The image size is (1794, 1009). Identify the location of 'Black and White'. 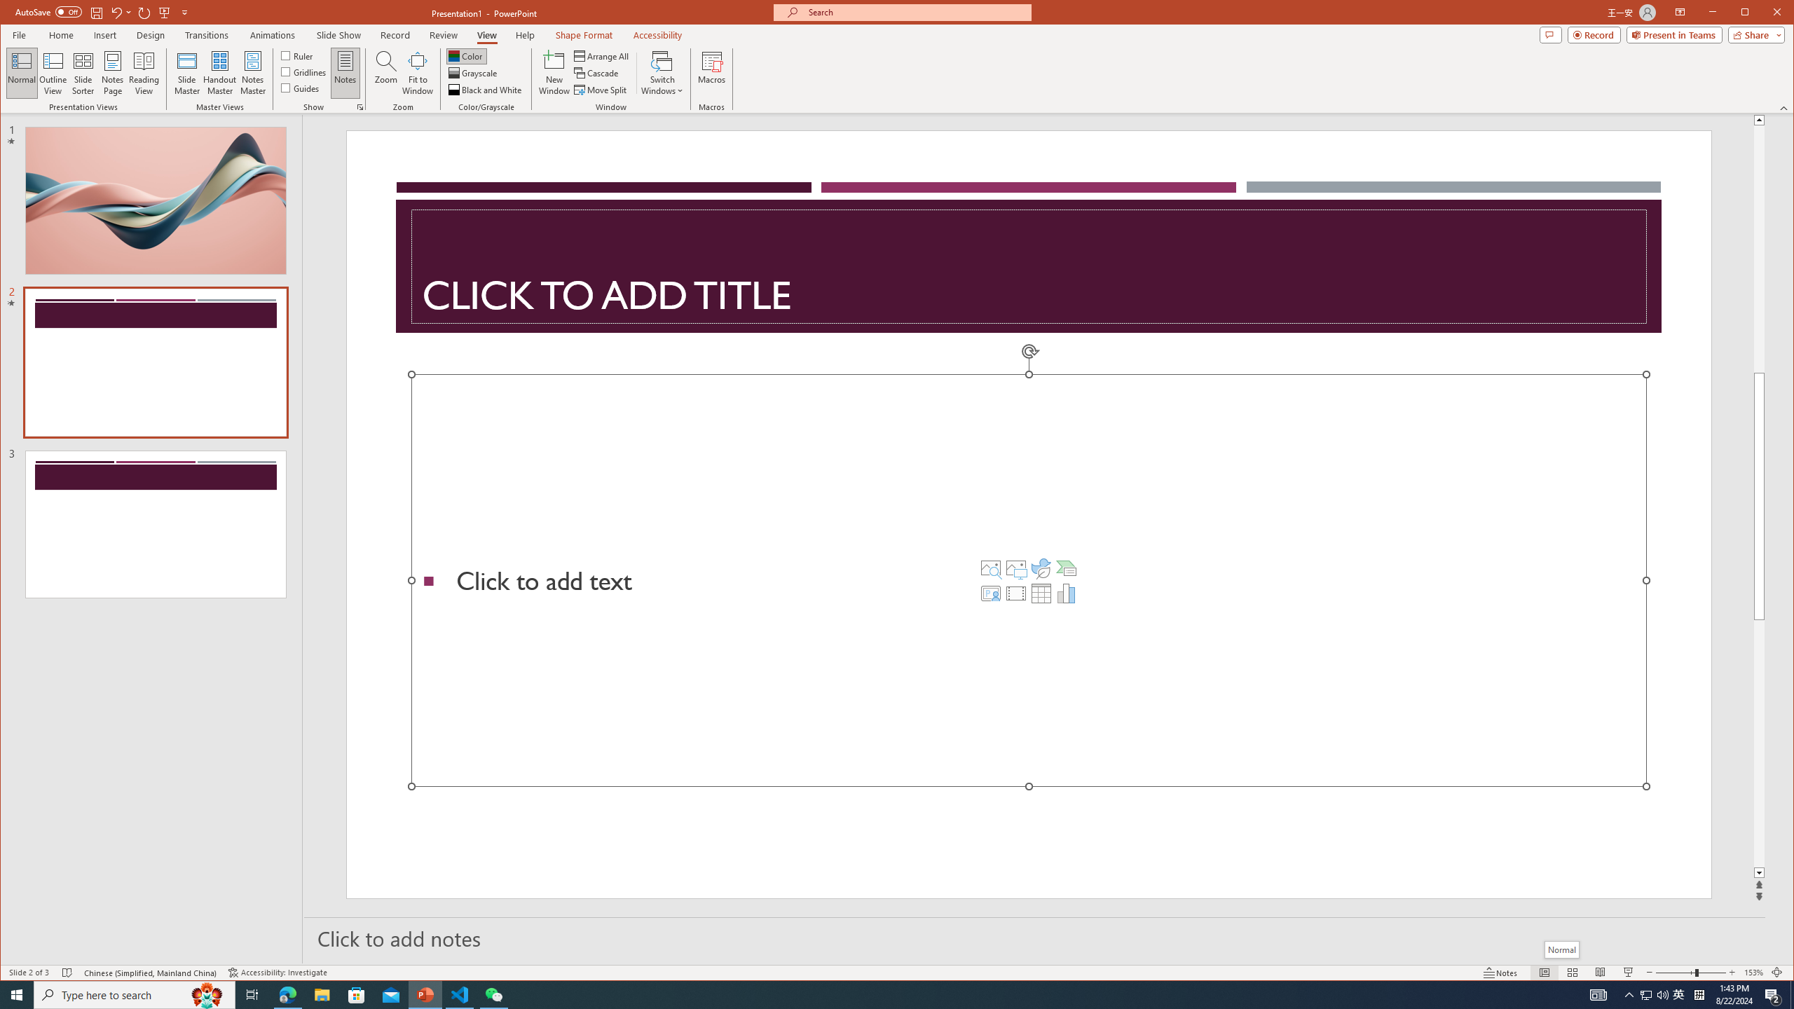
(485, 89).